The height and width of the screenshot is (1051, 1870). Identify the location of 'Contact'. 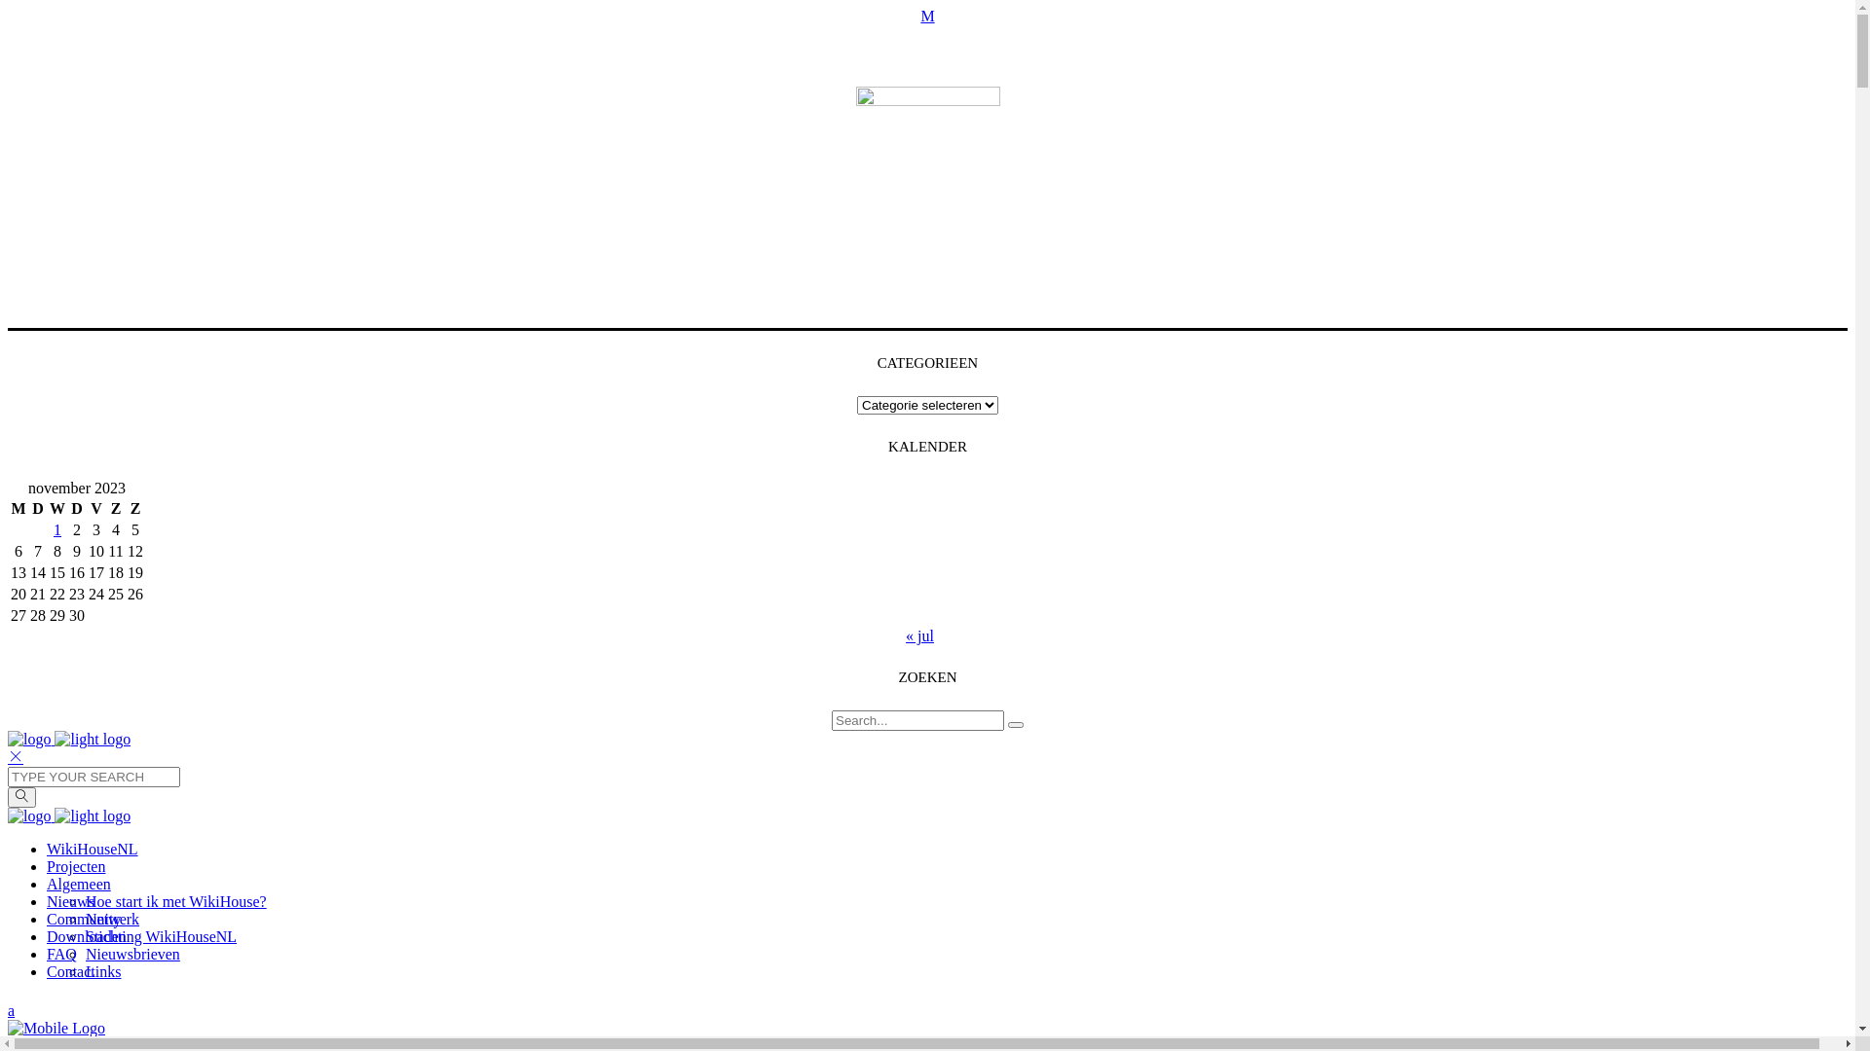
(70, 971).